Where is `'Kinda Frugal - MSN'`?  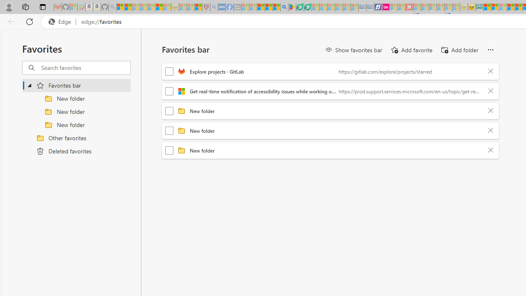 'Kinda Frugal - MSN' is located at coordinates (518, 7).